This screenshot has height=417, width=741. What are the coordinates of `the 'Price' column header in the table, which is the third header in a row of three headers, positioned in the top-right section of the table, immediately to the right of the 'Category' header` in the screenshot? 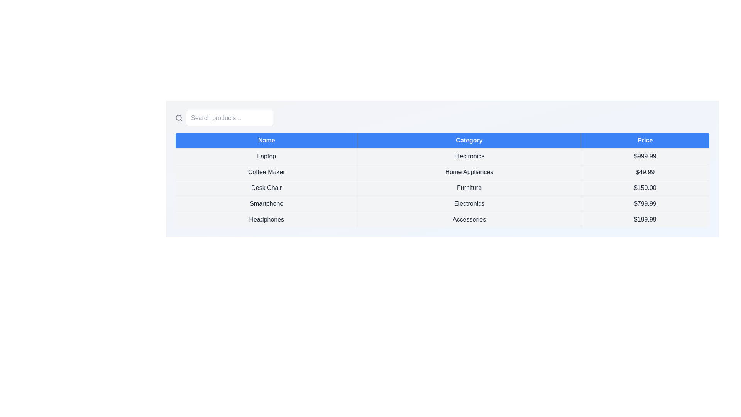 It's located at (645, 140).